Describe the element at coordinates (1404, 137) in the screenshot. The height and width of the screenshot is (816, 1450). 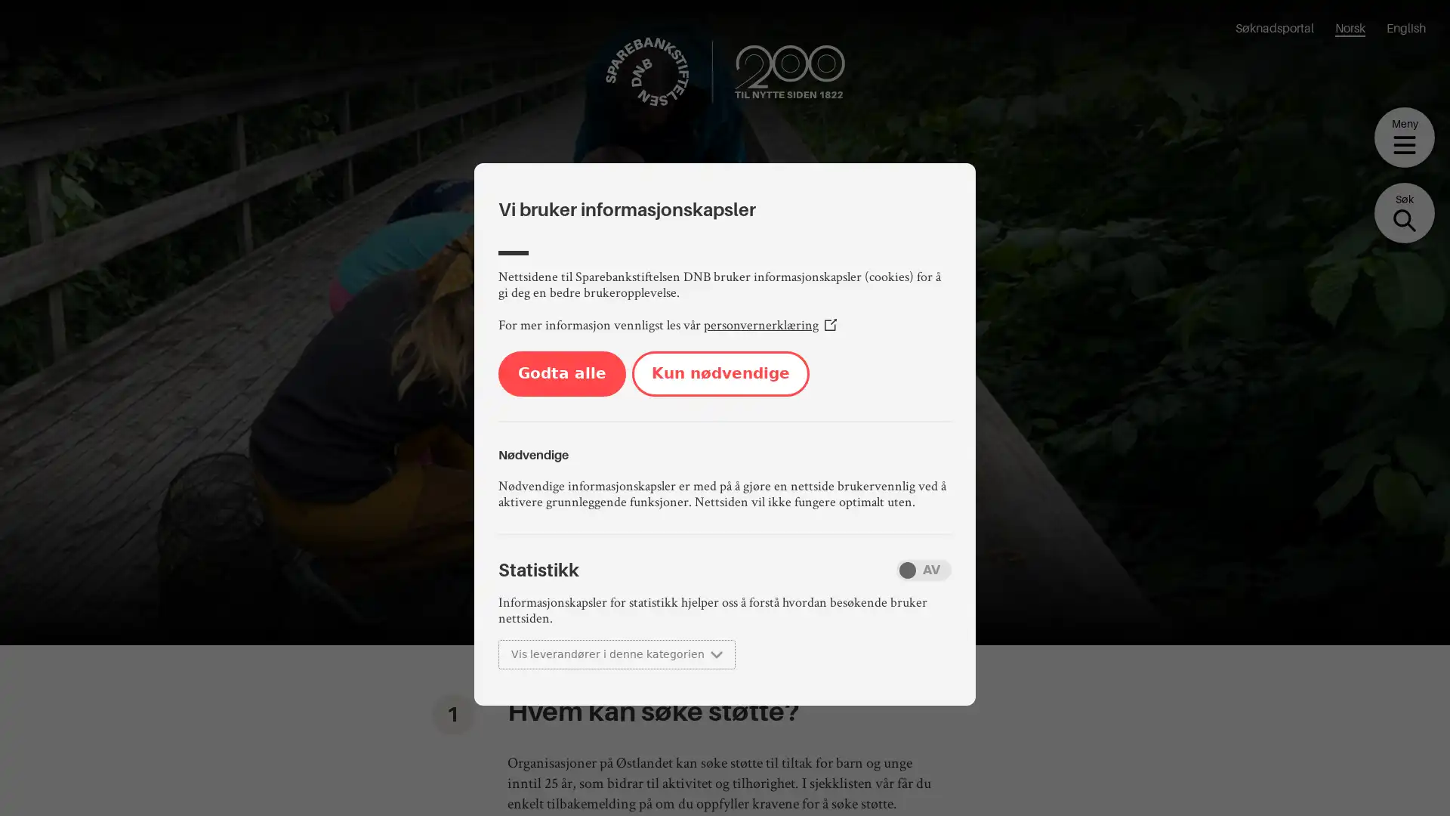
I see `Meny Meny` at that location.